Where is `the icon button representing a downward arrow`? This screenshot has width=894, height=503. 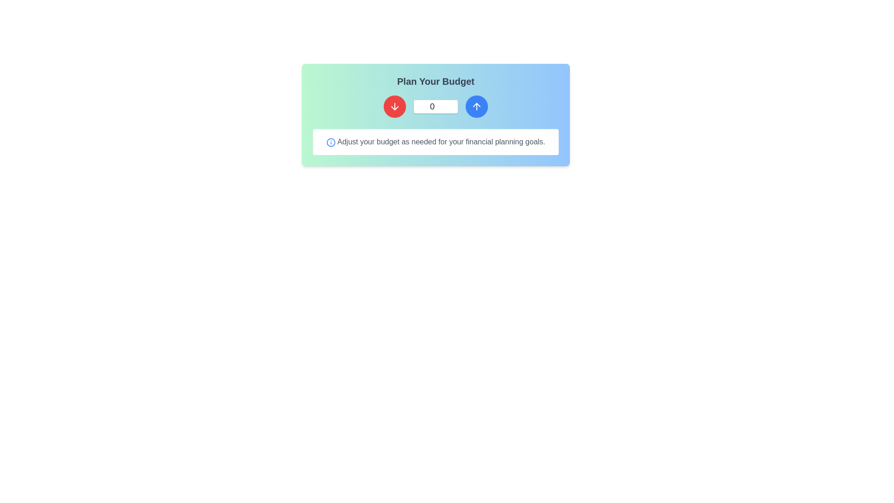 the icon button representing a downward arrow is located at coordinates (395, 106).